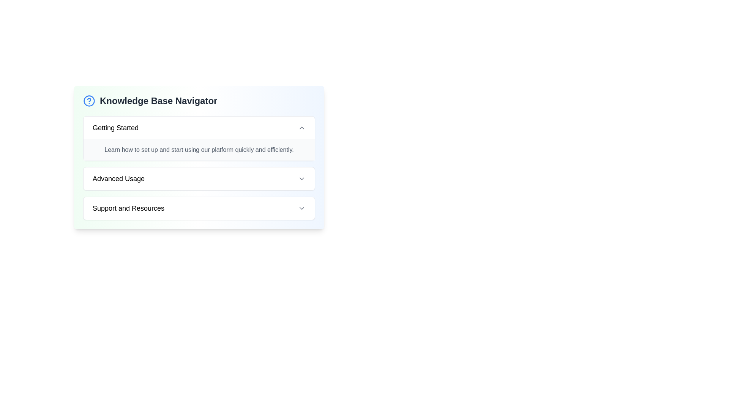 This screenshot has height=410, width=729. Describe the element at coordinates (118, 178) in the screenshot. I see `the Text label in the 'Knowledge Base Navigator' section, which is the second option under the 'Getting Started' heading` at that location.